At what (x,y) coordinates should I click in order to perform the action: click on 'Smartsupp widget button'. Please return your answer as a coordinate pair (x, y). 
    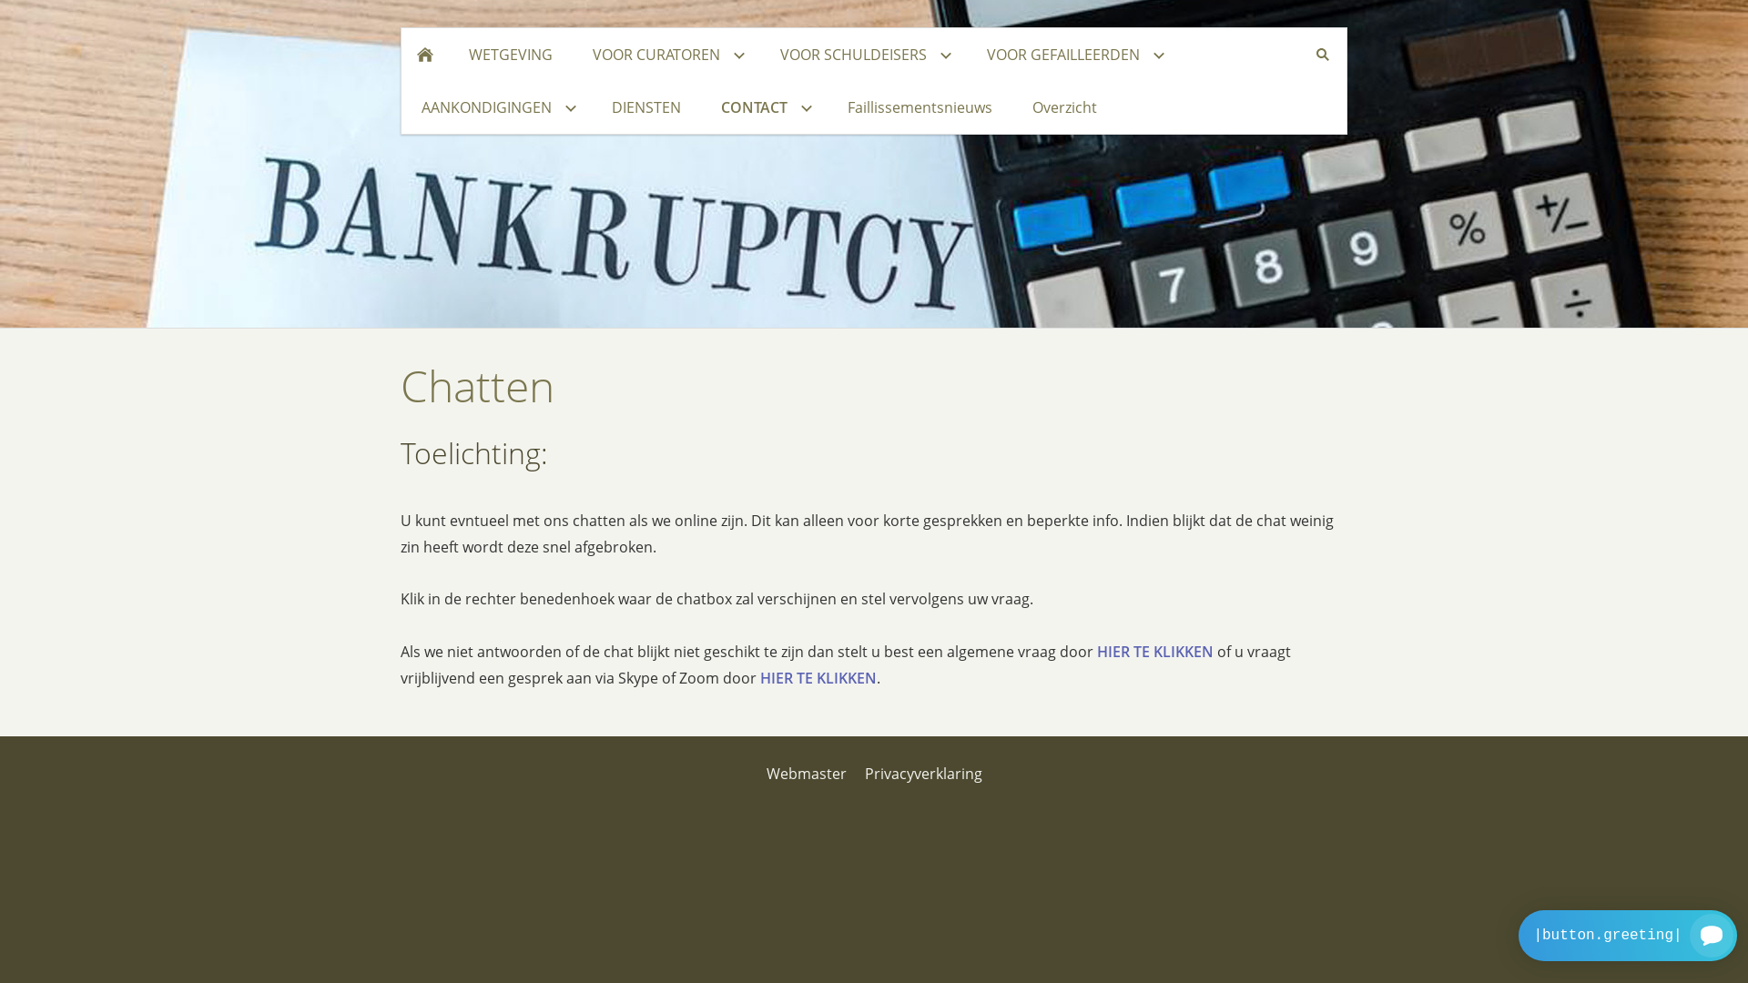
    Looking at the image, I should click on (1628, 936).